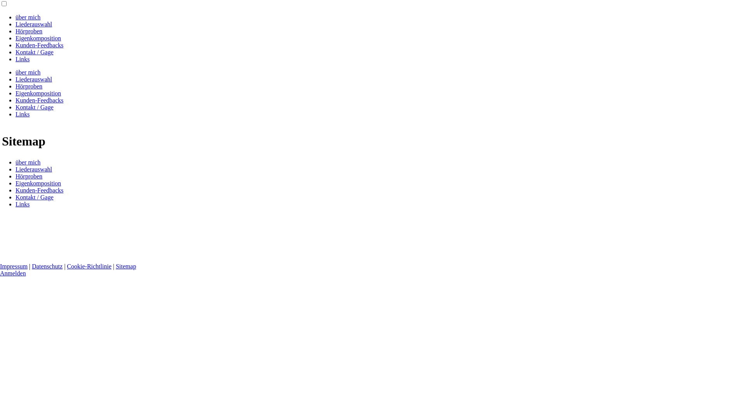  What do you see at coordinates (47, 266) in the screenshot?
I see `'Datenschutz'` at bounding box center [47, 266].